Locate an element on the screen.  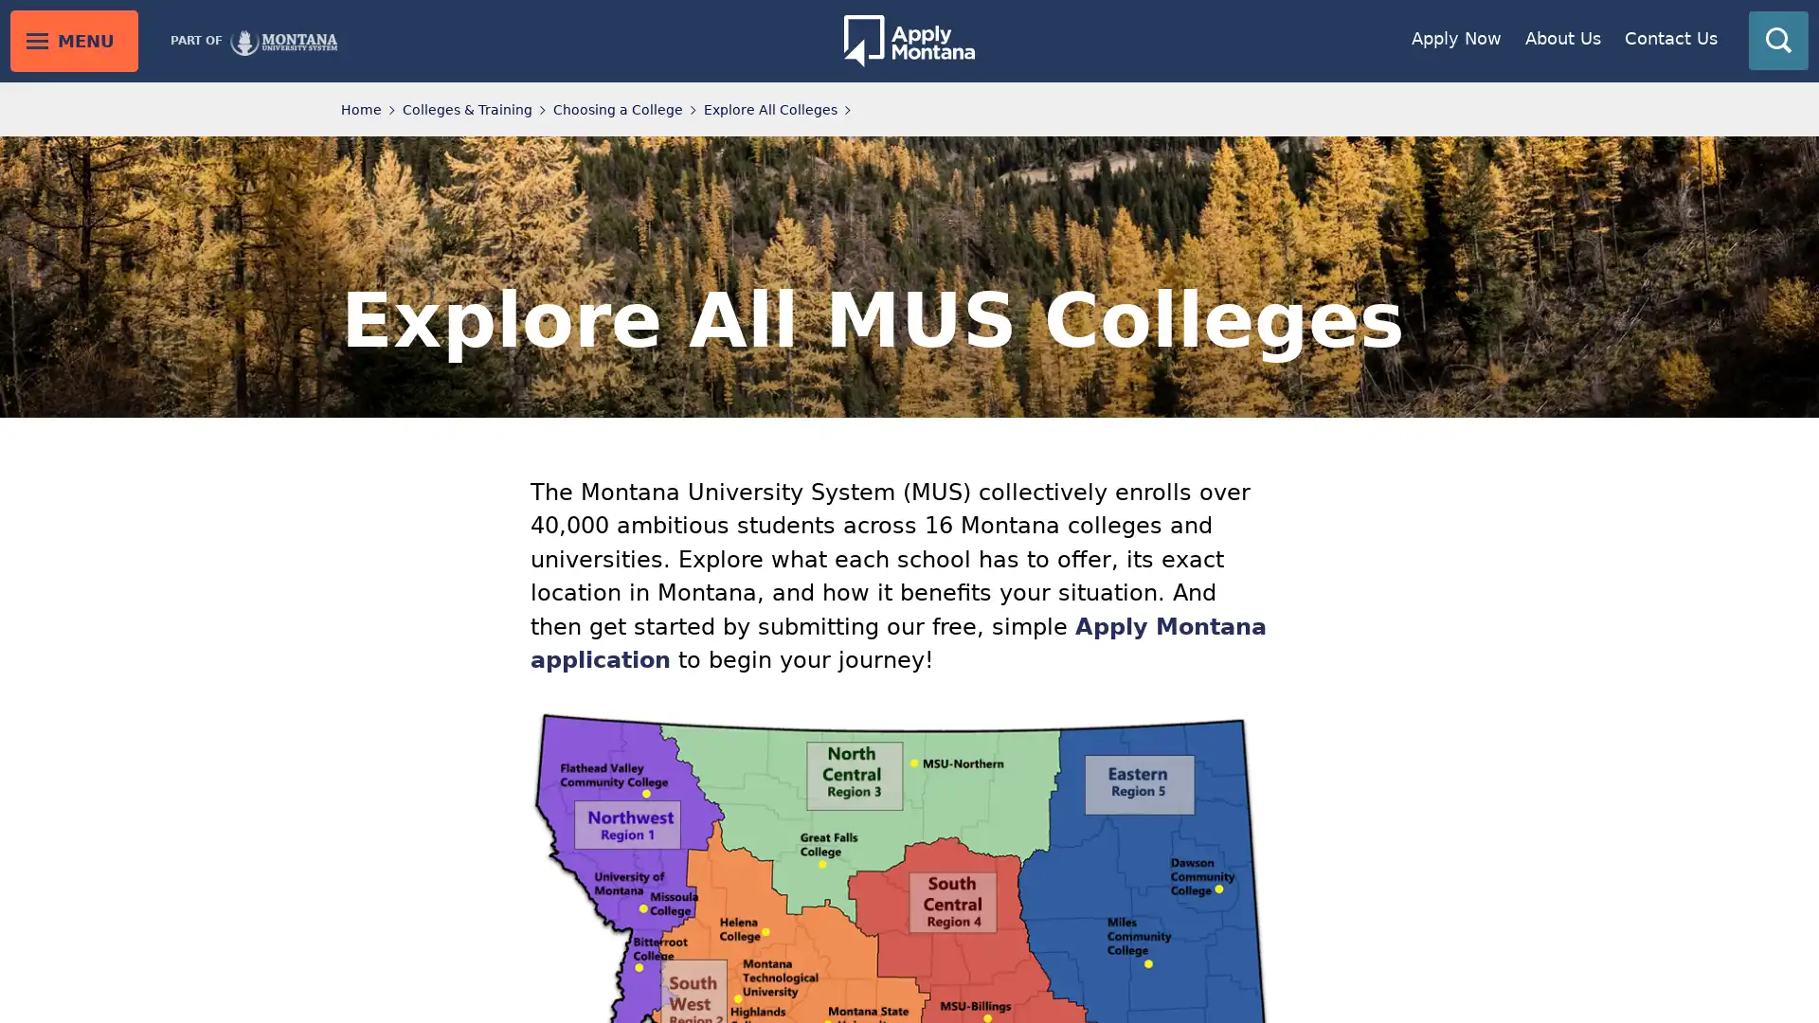
toggle main menu is located at coordinates (74, 40).